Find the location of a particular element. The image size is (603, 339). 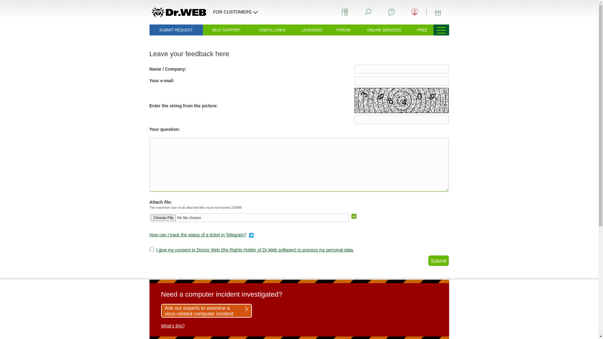

'LICENSING' is located at coordinates (312, 30).